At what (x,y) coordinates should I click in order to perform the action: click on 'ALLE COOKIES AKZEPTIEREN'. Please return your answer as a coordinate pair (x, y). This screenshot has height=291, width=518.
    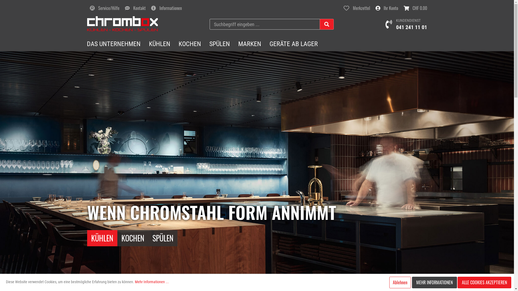
    Looking at the image, I should click on (484, 282).